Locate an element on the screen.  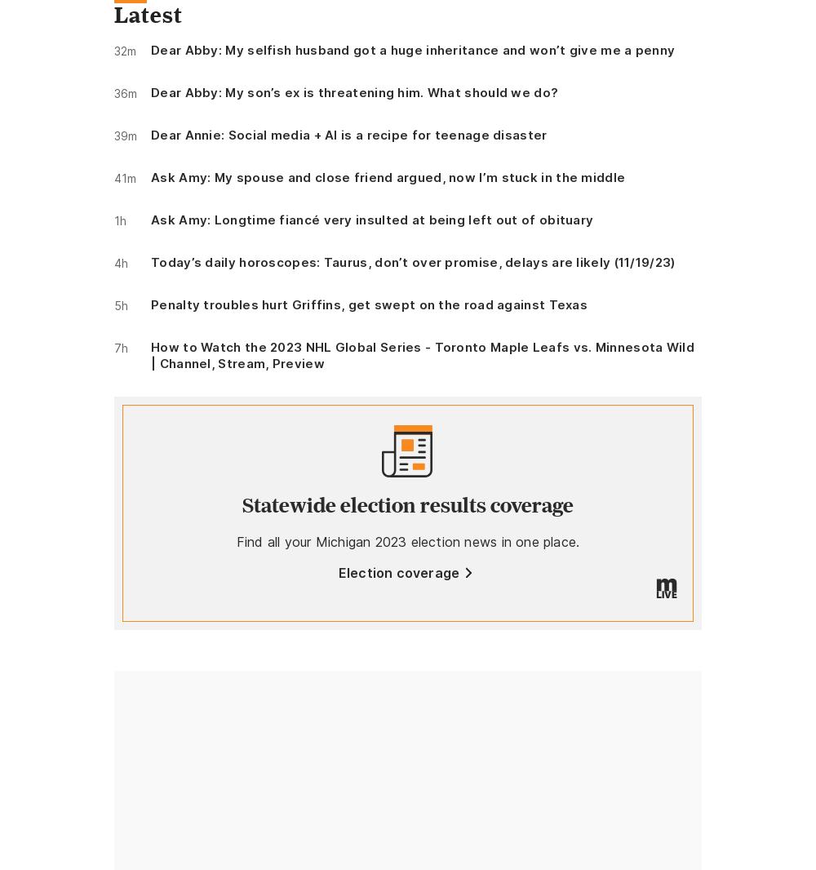
'41m' is located at coordinates (125, 177).